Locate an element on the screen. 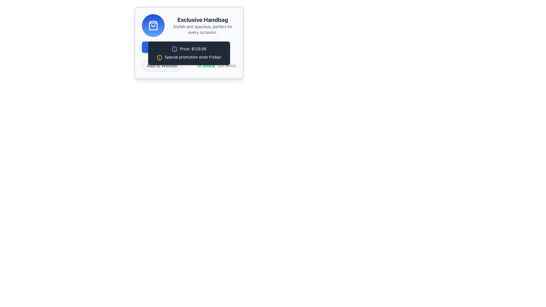 This screenshot has height=307, width=546. the informational icon located to the left of the text 'Special promotion ends Friday!' is located at coordinates (159, 57).